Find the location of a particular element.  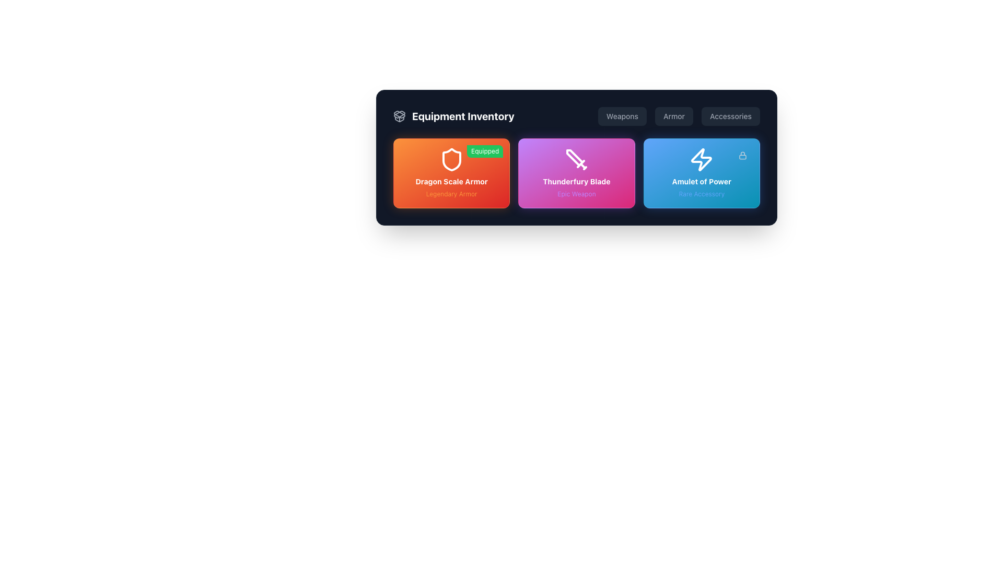

the 'Armor' button located in the 'Equipment Inventory' interface is located at coordinates (674, 116).